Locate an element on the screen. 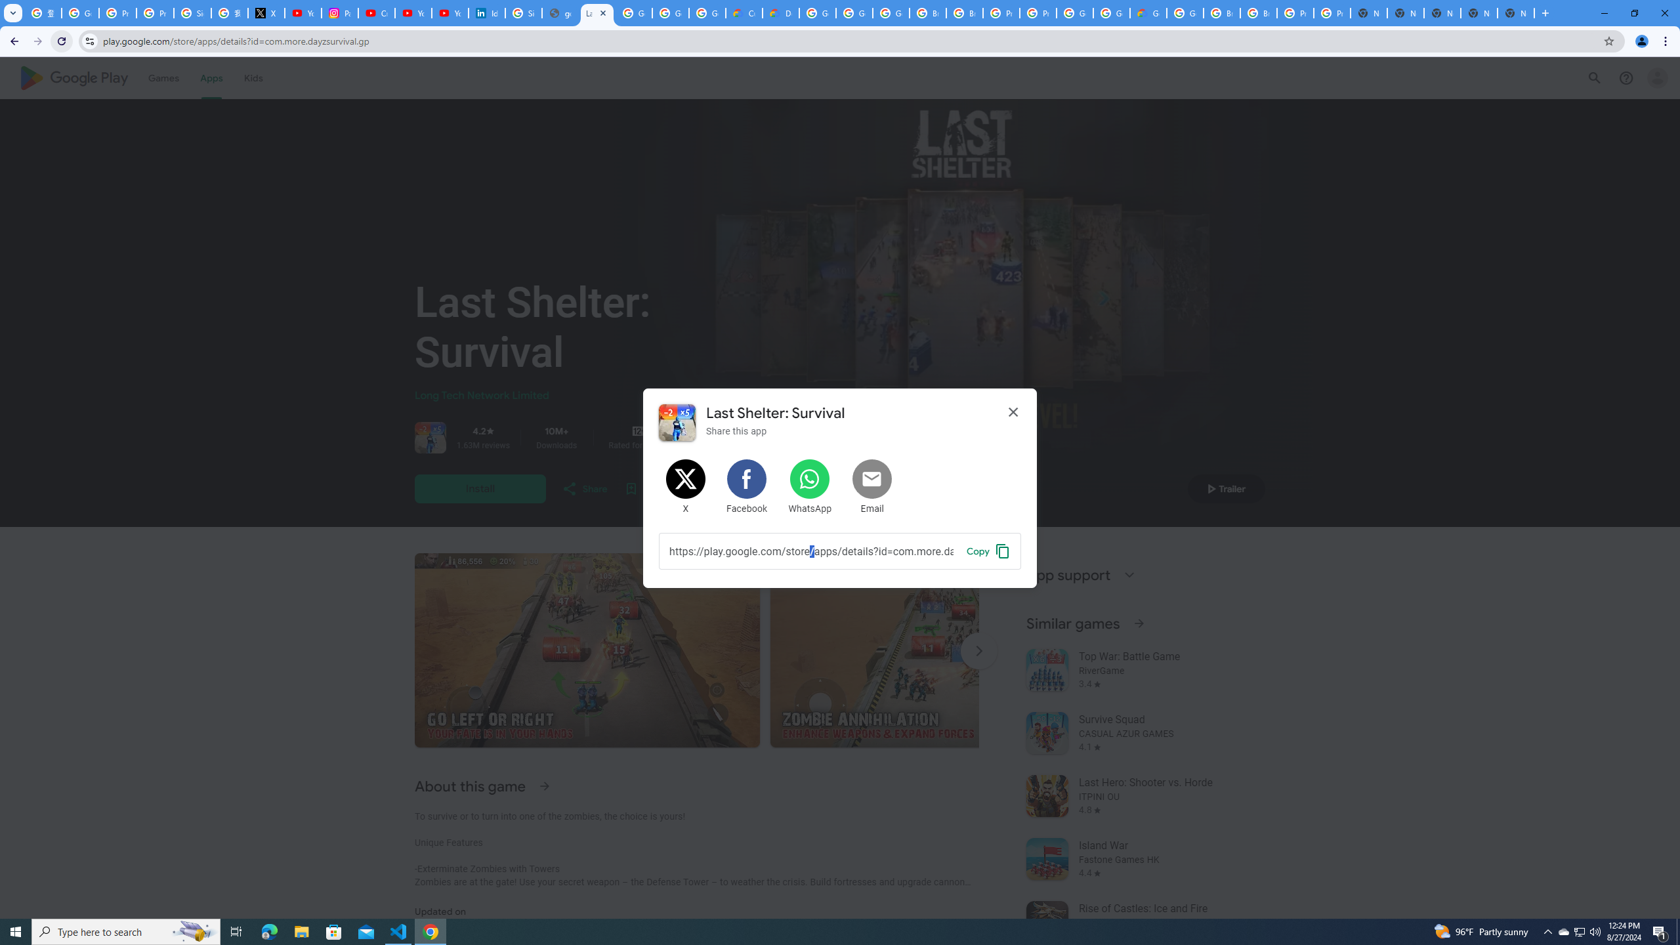 This screenshot has height=945, width=1680. 'Browse Chrome as a guest - Computer - Google Chrome Help' is located at coordinates (928, 12).